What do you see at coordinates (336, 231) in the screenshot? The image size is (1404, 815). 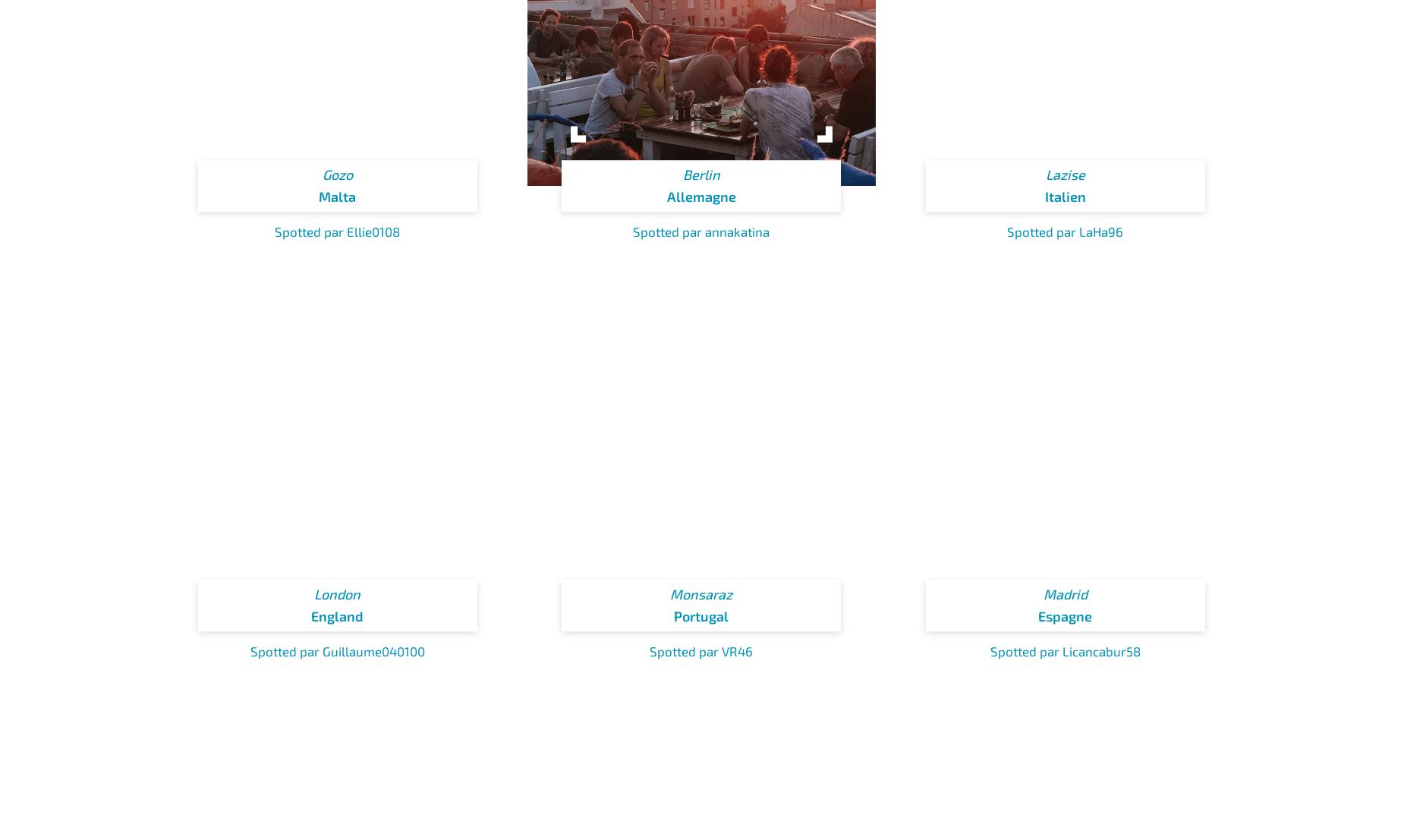 I see `'Spotted par Ellie0108'` at bounding box center [336, 231].